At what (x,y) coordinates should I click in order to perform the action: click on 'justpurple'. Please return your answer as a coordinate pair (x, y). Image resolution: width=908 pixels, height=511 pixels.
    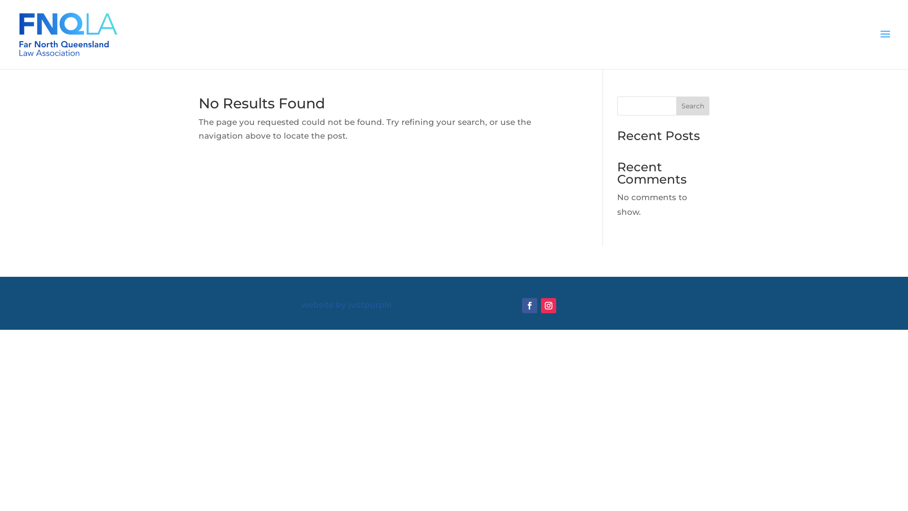
    Looking at the image, I should click on (369, 305).